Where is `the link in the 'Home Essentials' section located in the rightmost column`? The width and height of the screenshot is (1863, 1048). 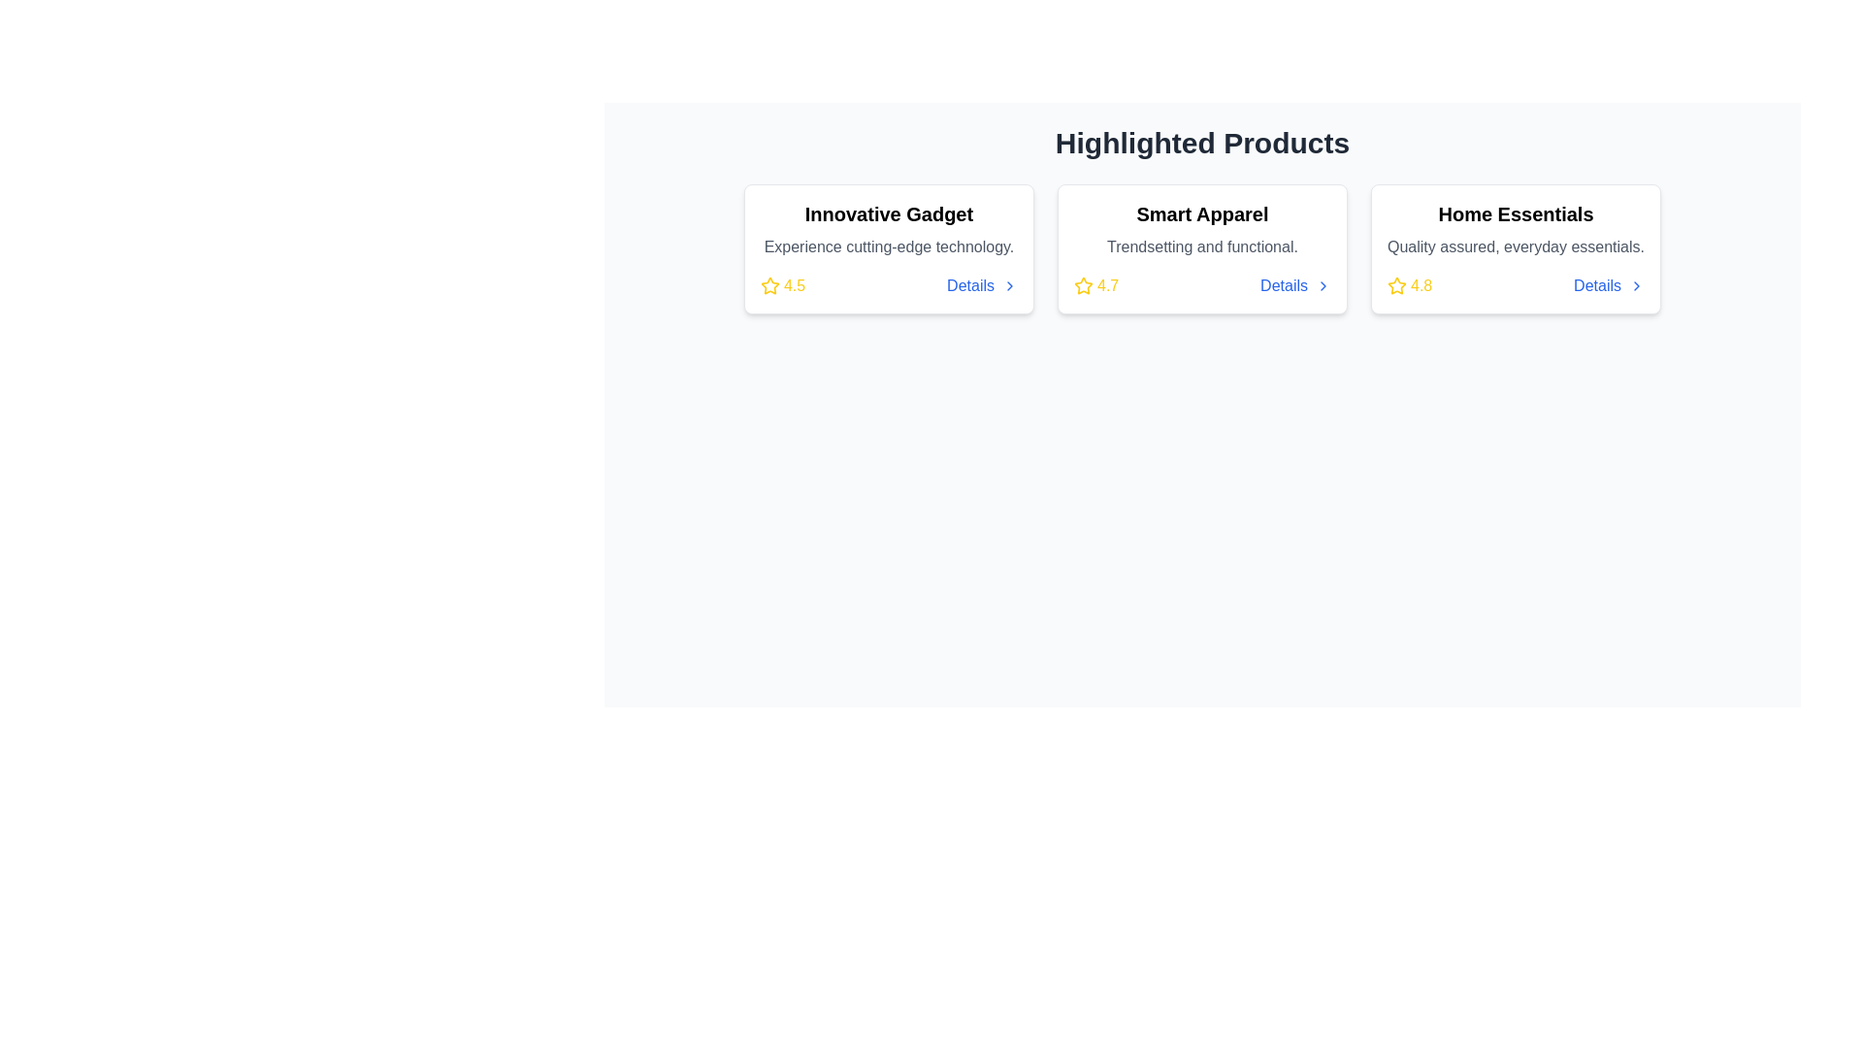
the link in the 'Home Essentials' section located in the rightmost column is located at coordinates (1609, 285).